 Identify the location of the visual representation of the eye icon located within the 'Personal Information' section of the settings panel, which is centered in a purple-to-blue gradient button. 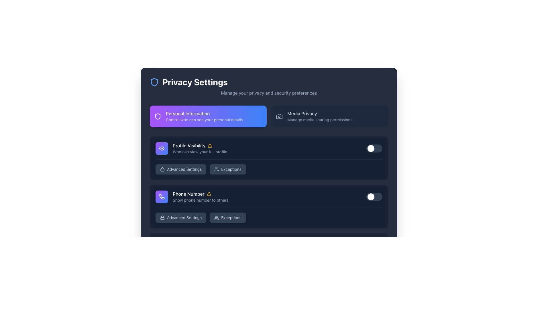
(162, 148).